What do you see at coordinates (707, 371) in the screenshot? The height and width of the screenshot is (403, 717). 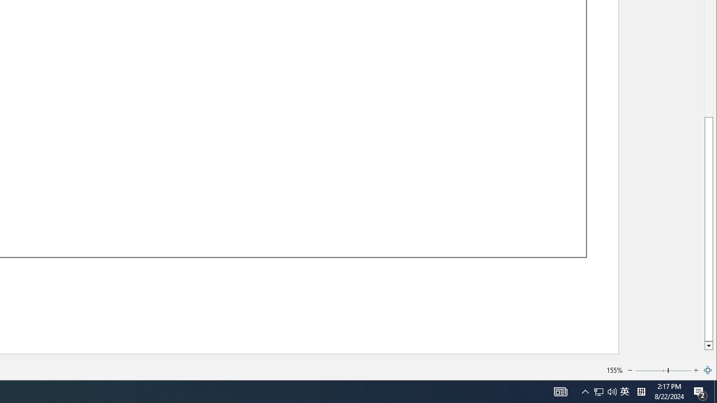 I see `'Zoom to Page'` at bounding box center [707, 371].